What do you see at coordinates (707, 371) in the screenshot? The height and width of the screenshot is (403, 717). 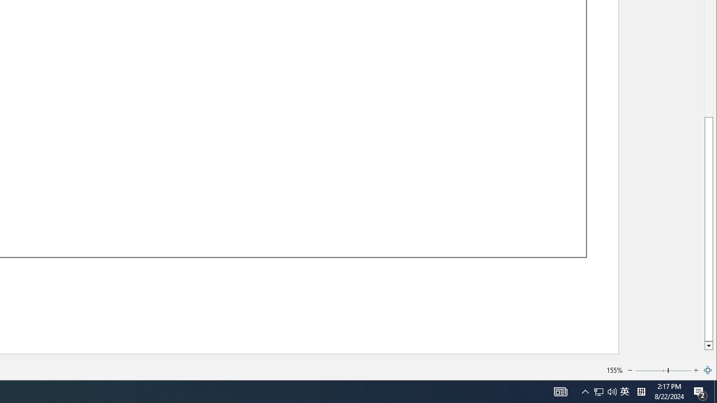 I see `'Zoom to Page'` at bounding box center [707, 371].